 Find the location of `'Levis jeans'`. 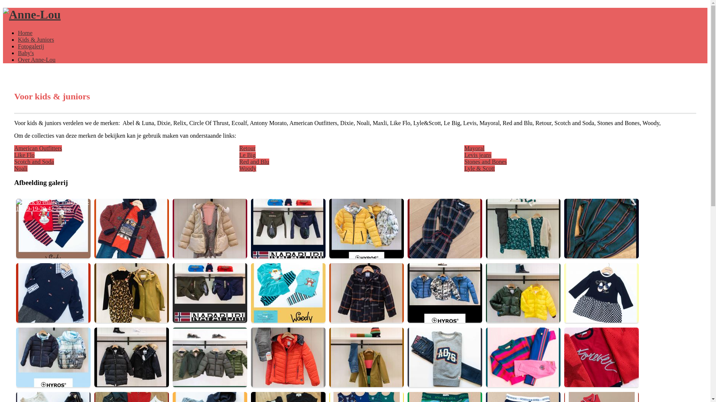

'Levis jeans' is located at coordinates (478, 154).